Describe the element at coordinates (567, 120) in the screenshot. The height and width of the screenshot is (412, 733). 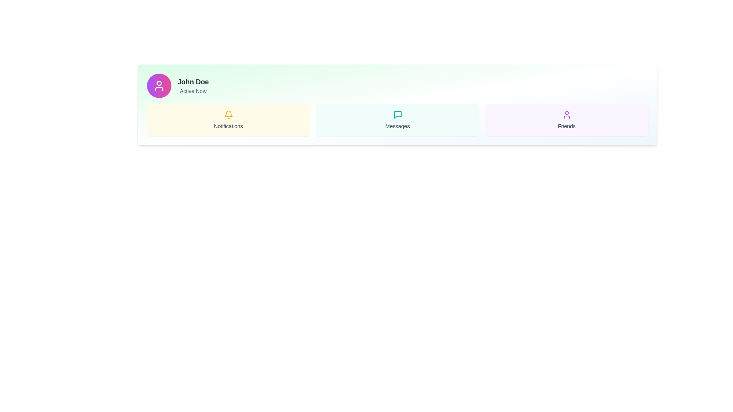
I see `the navigational card labeled 'Friends', which is the rightmost box in the third column of the grid layout` at that location.